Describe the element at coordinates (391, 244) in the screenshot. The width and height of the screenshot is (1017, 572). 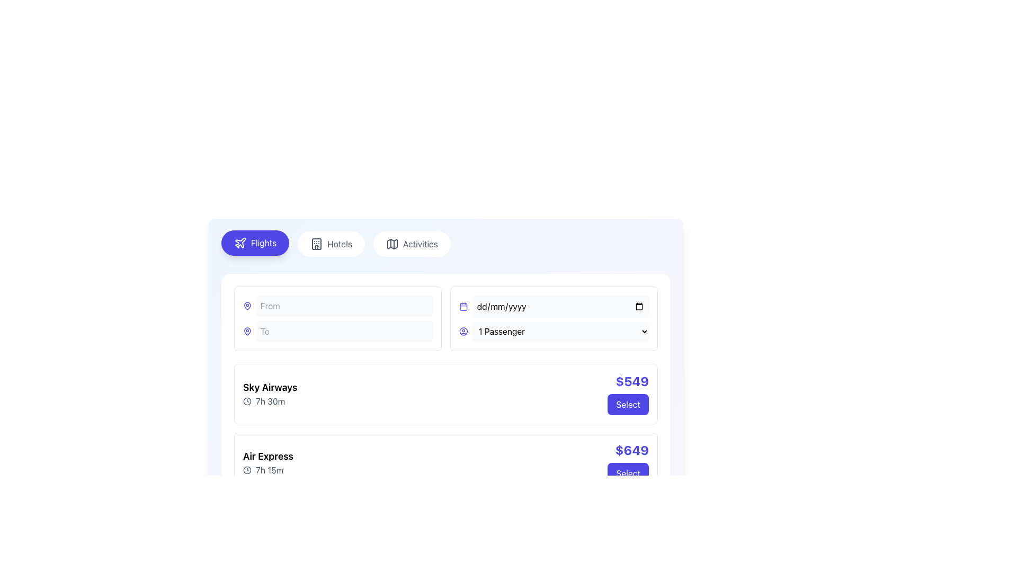
I see `the 'Activities' icon located in the top navigation bar, which symbolizes activities or attractions, for navigation clues` at that location.